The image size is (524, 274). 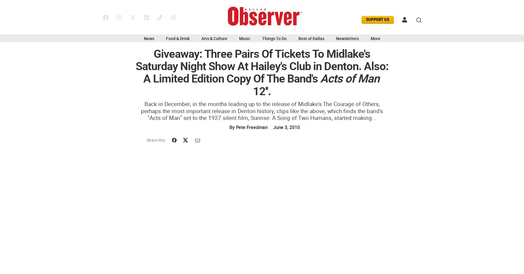 What do you see at coordinates (135, 66) in the screenshot?
I see `'Giveaway: Three Pairs Of Tickets To Midlake's Saturday Night Show At Hailey's Club in Denton. Also: A Limited Edition Copy Of The Band's'` at bounding box center [135, 66].